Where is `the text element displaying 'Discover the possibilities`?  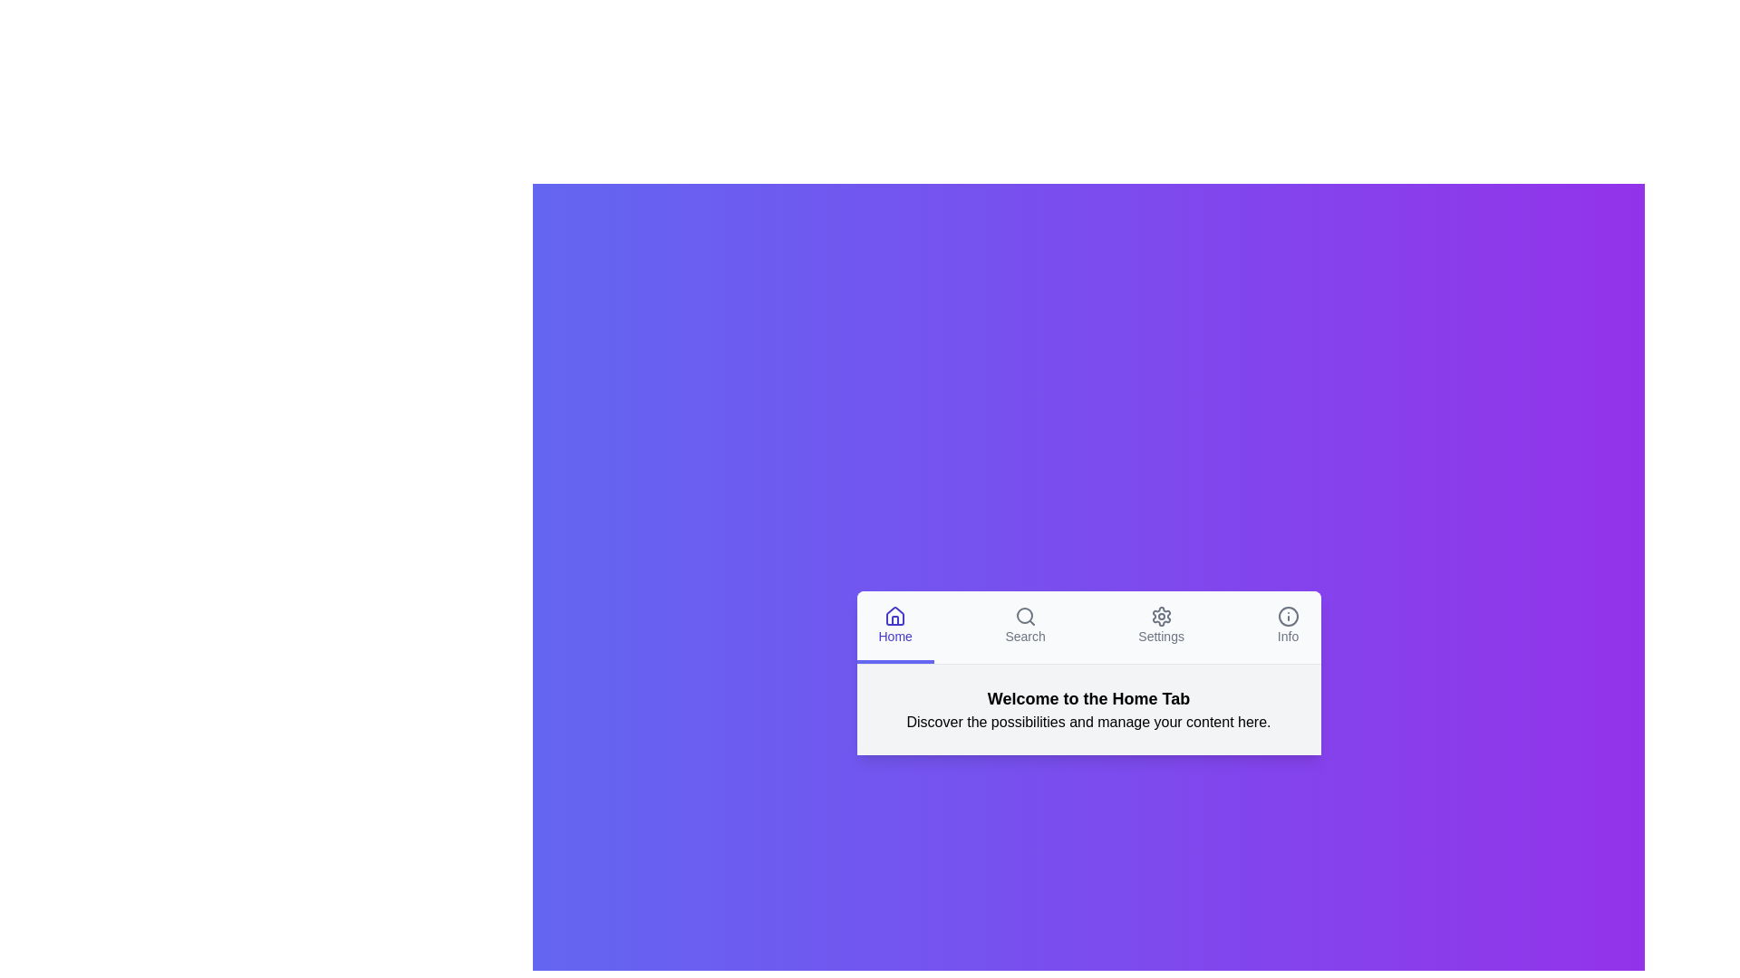 the text element displaying 'Discover the possibilities is located at coordinates (1087, 721).